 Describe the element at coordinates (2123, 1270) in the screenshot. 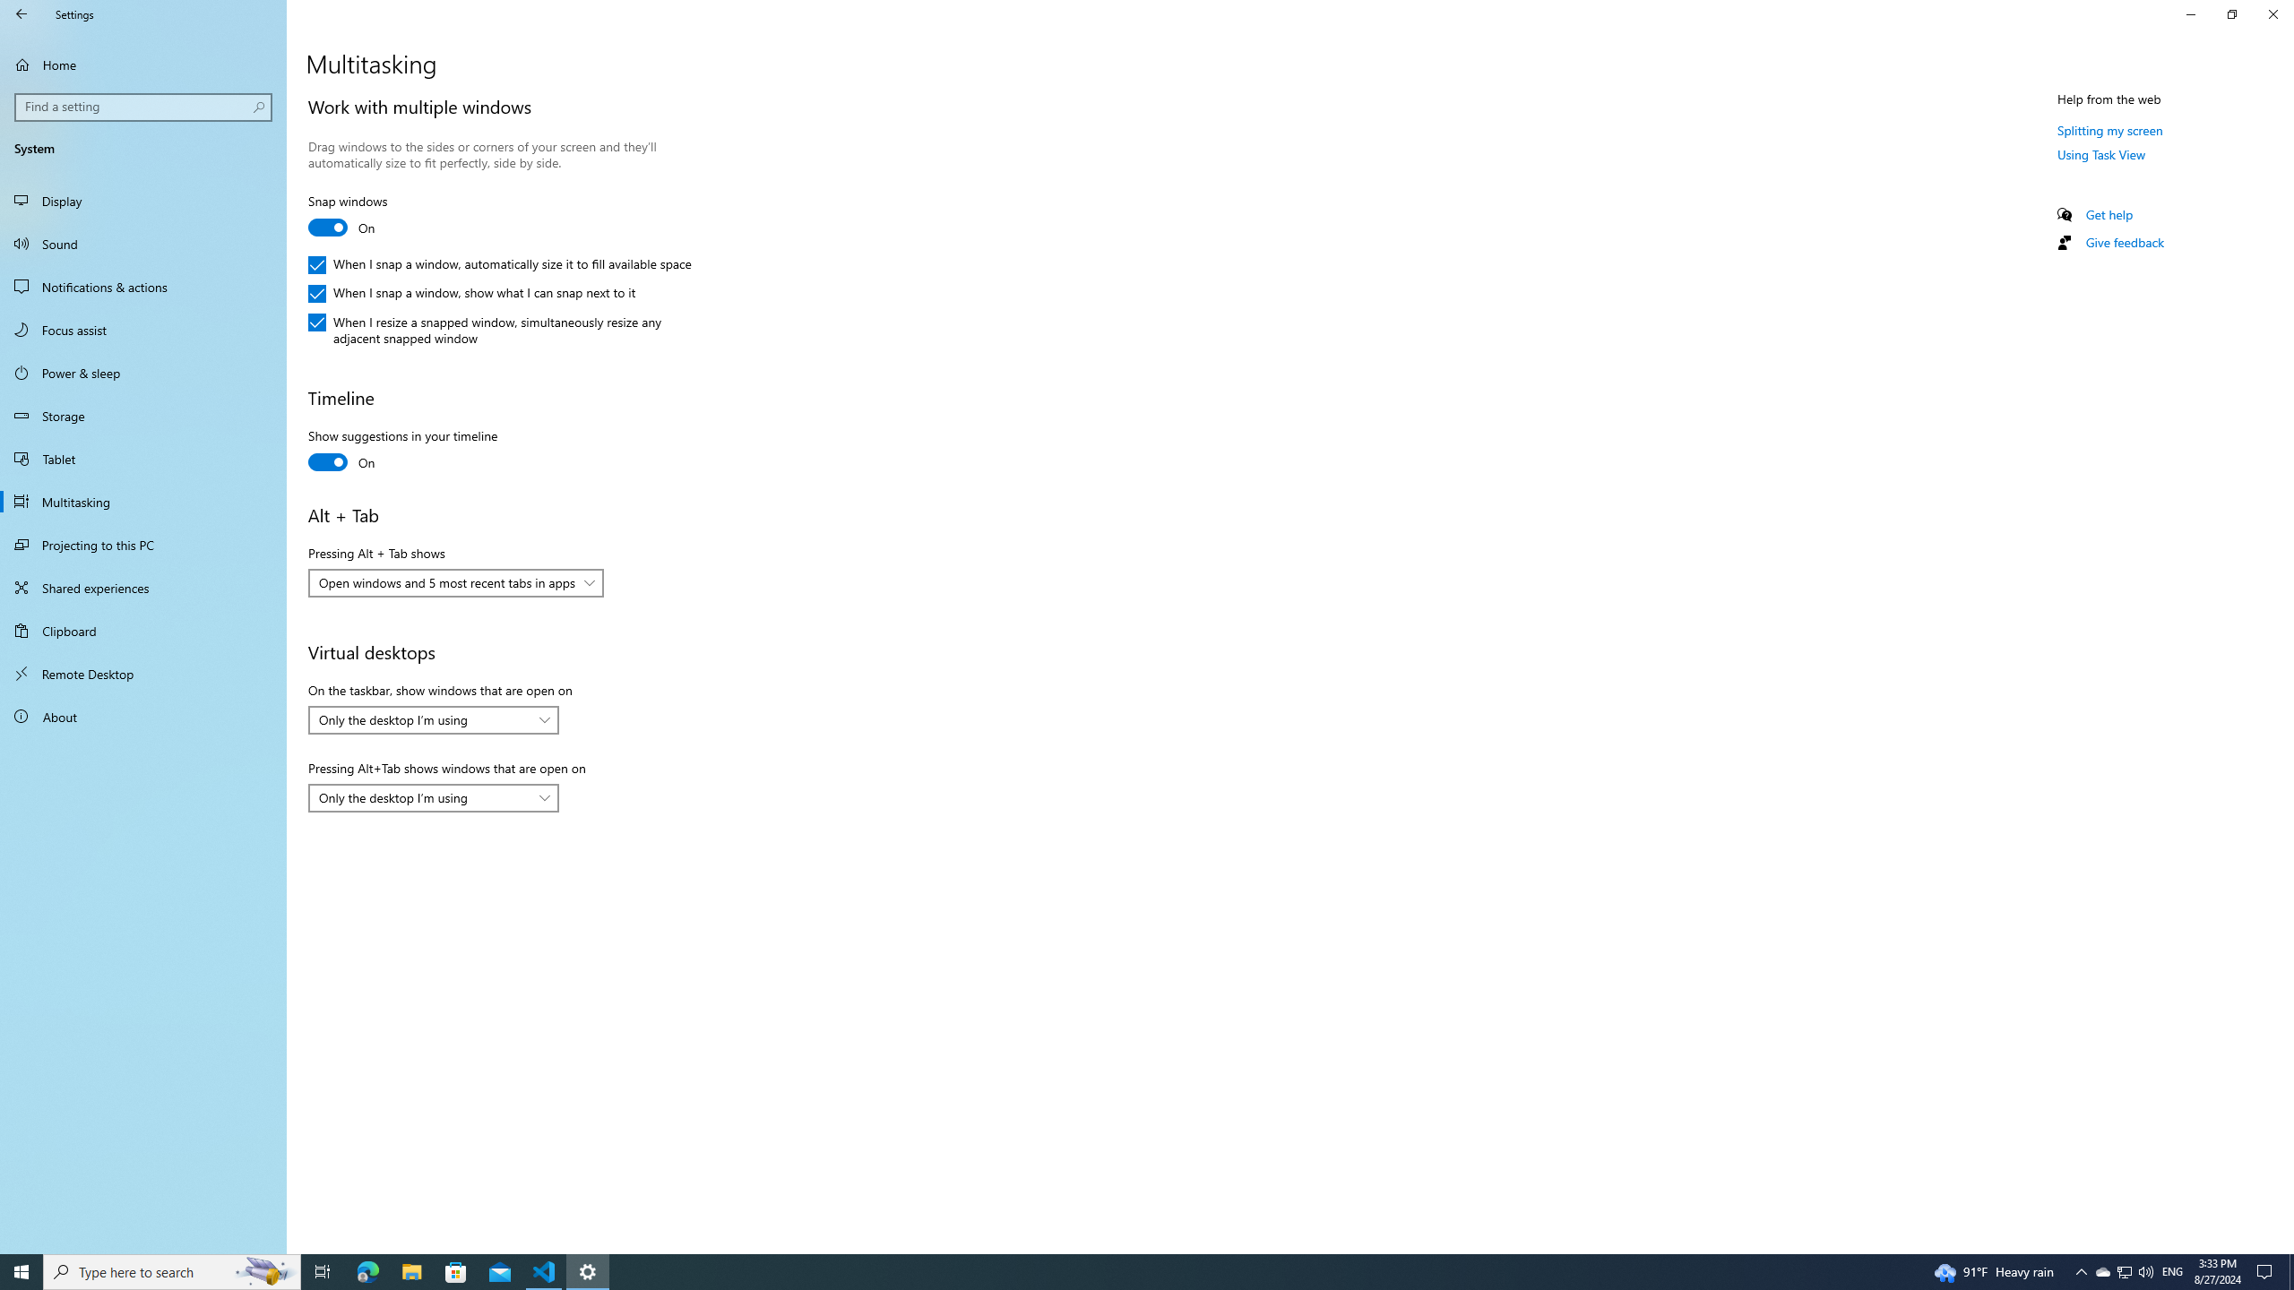

I see `'User Promoted Notification Area'` at that location.